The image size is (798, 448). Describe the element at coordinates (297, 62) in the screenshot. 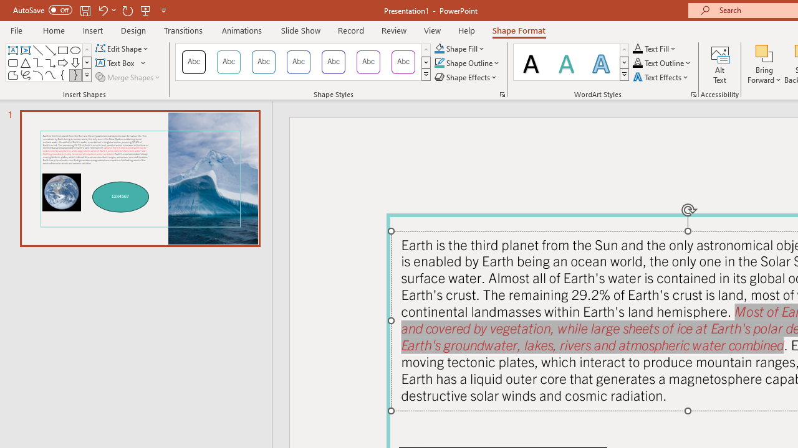

I see `'Colored Outline - Blue, Accent 3'` at that location.